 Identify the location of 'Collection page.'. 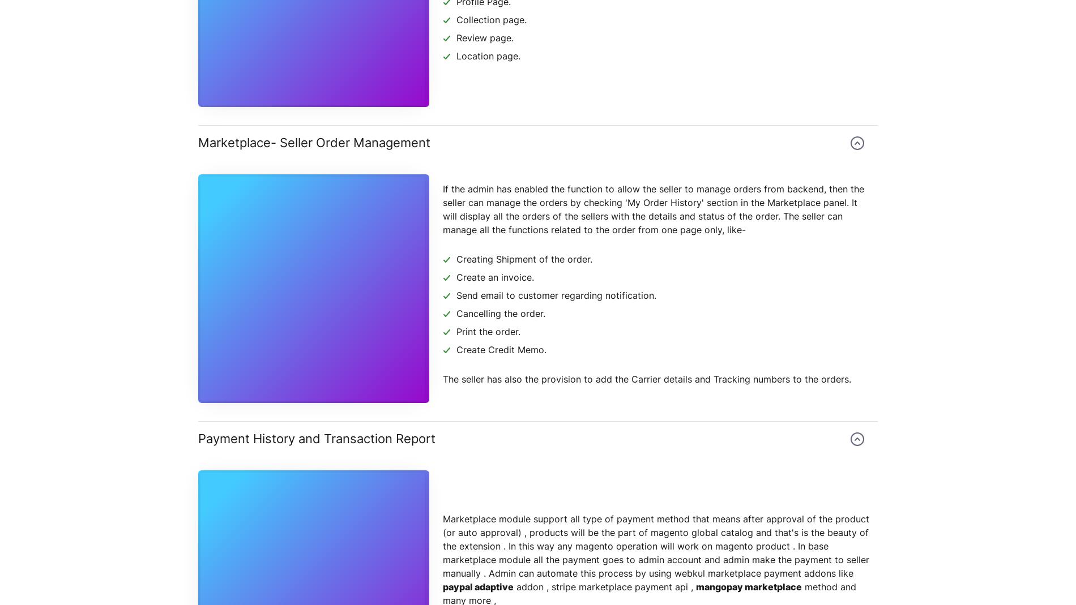
(490, 19).